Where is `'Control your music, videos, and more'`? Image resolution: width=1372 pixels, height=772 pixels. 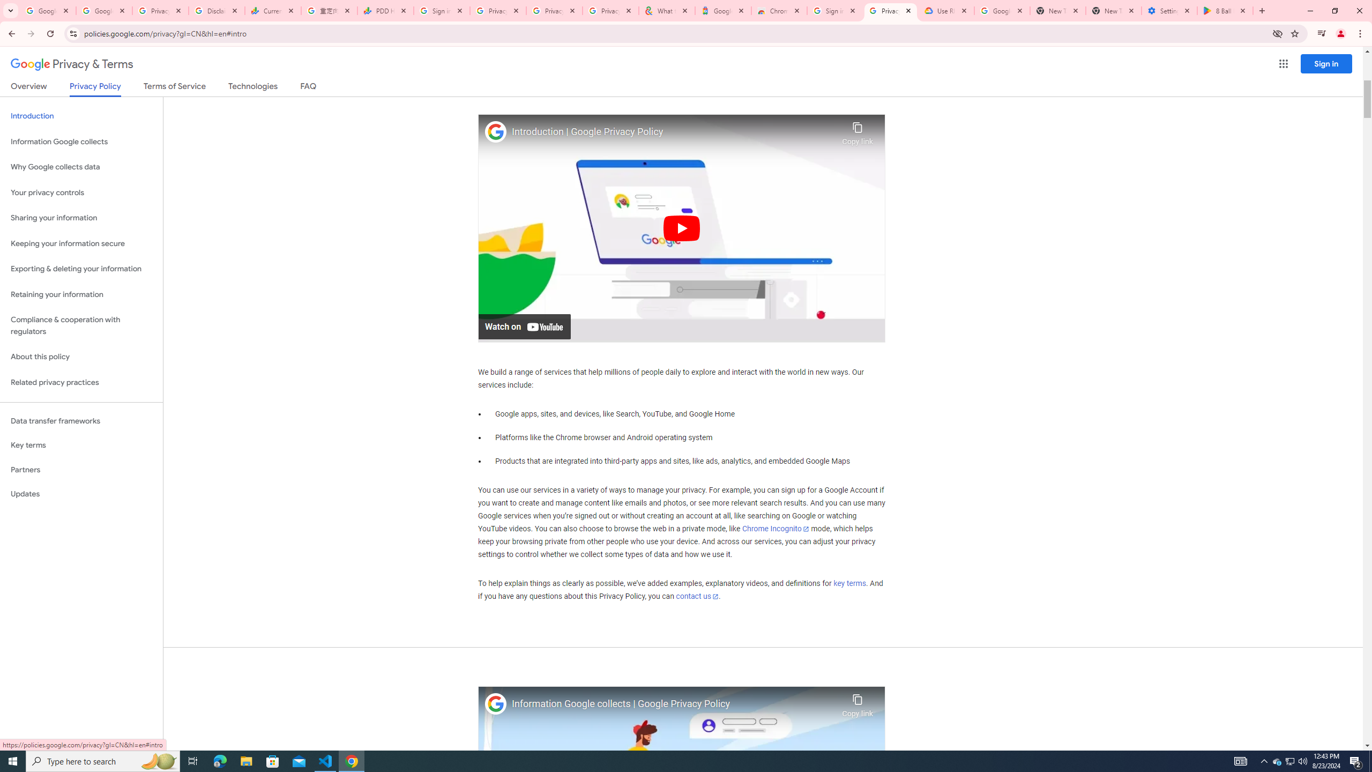 'Control your music, videos, and more' is located at coordinates (1322, 33).